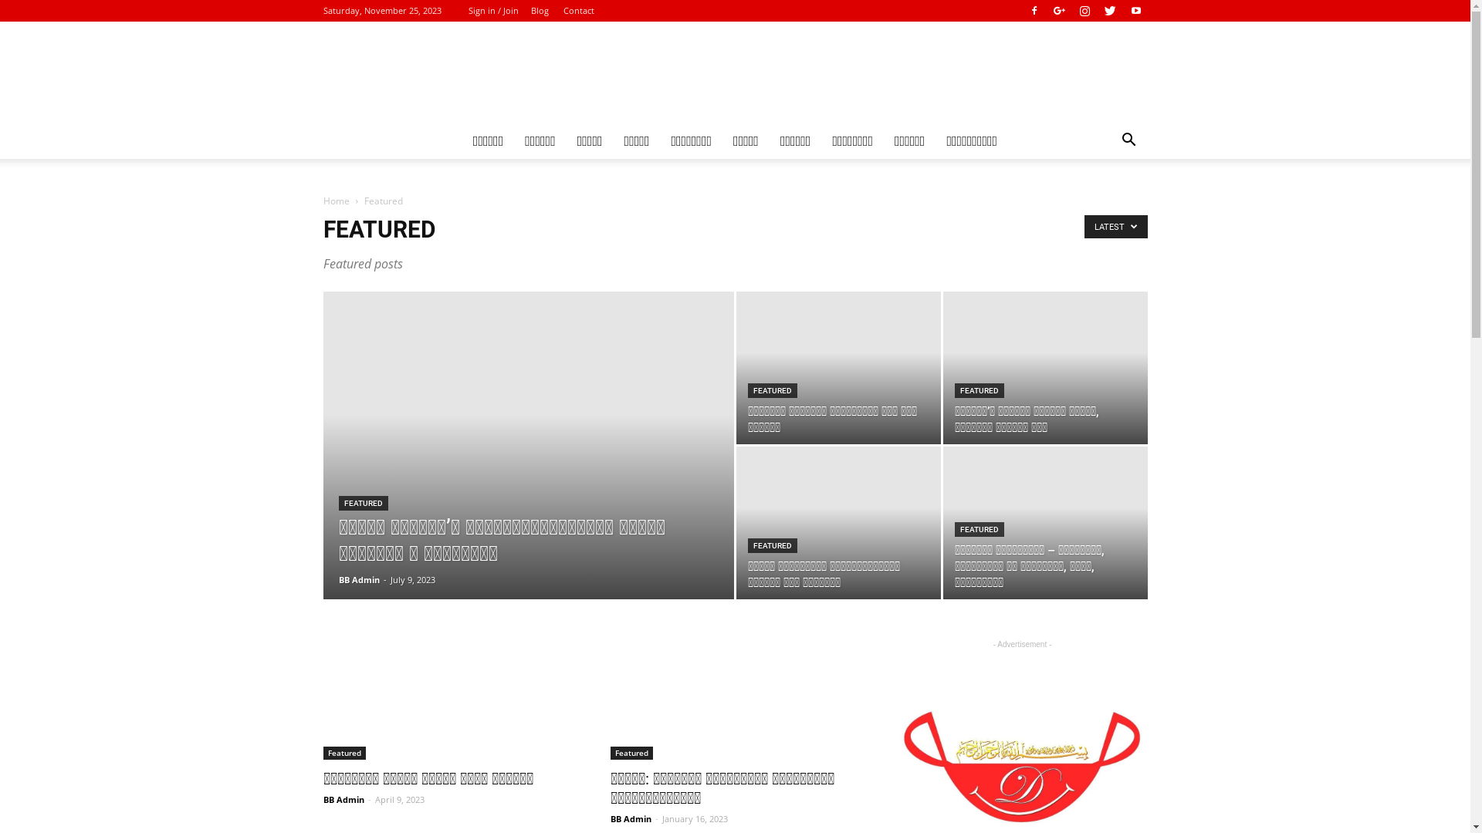 Image resolution: width=1482 pixels, height=833 pixels. I want to click on 'Home', so click(335, 200).